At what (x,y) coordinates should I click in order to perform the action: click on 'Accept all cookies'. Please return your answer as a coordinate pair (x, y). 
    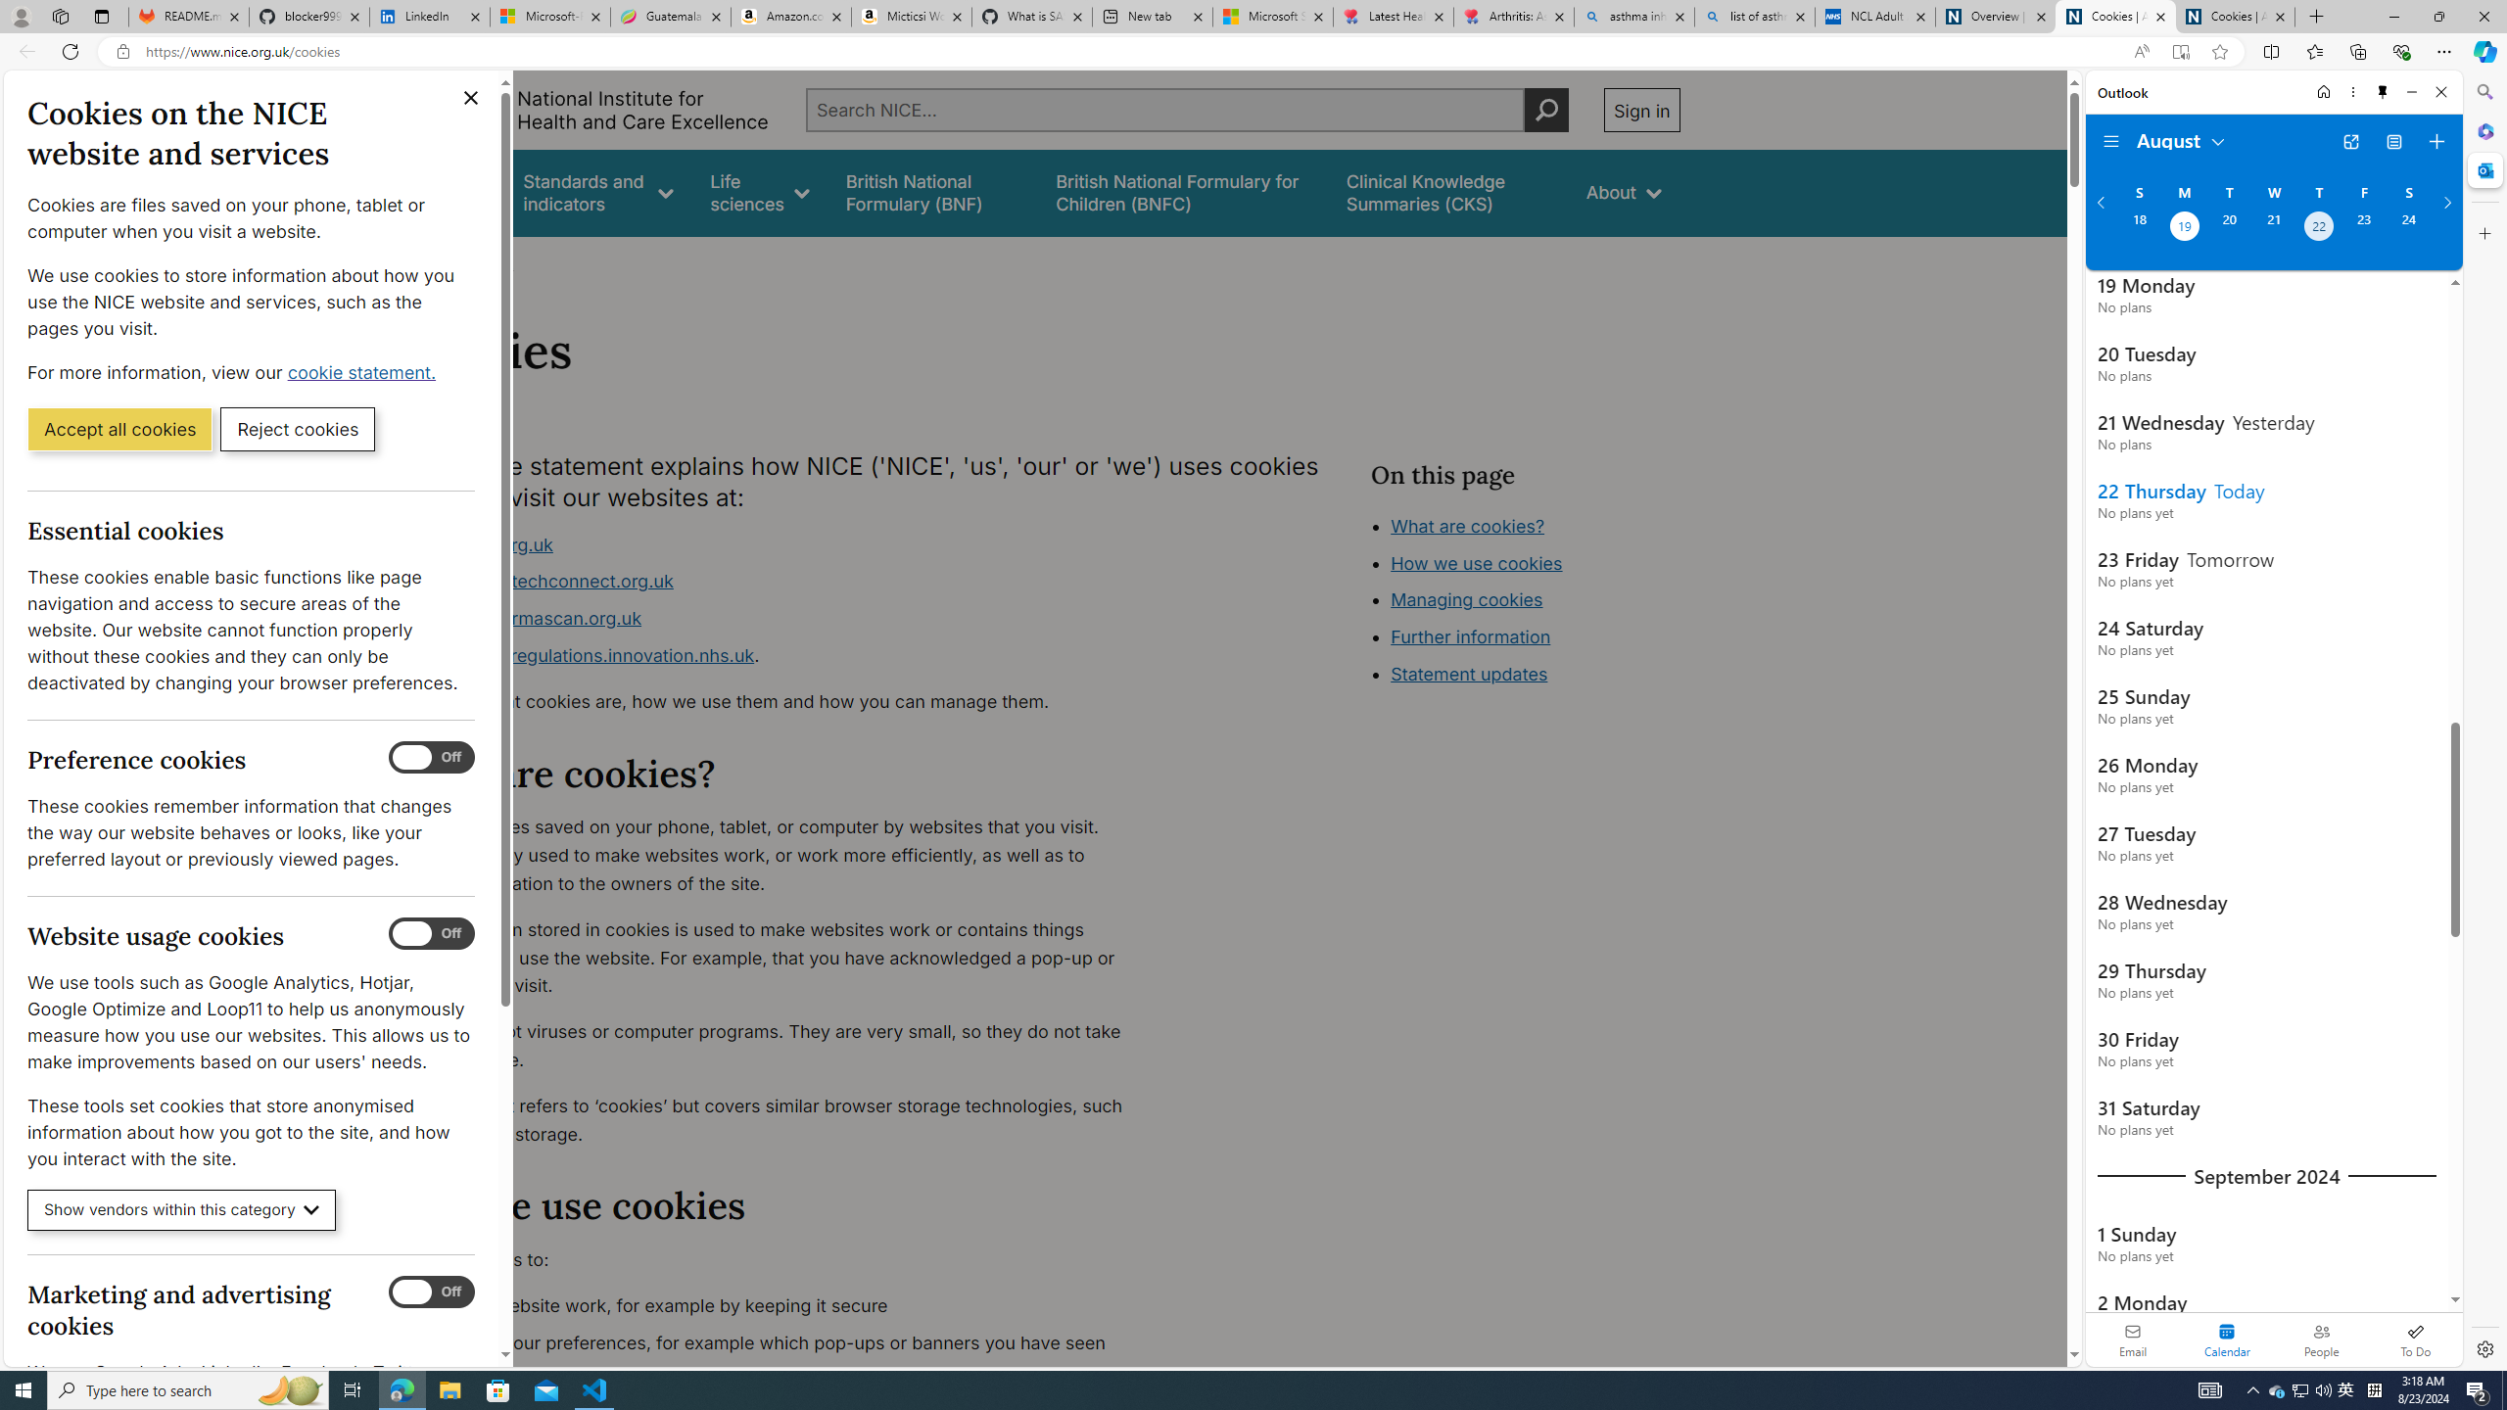
    Looking at the image, I should click on (119, 427).